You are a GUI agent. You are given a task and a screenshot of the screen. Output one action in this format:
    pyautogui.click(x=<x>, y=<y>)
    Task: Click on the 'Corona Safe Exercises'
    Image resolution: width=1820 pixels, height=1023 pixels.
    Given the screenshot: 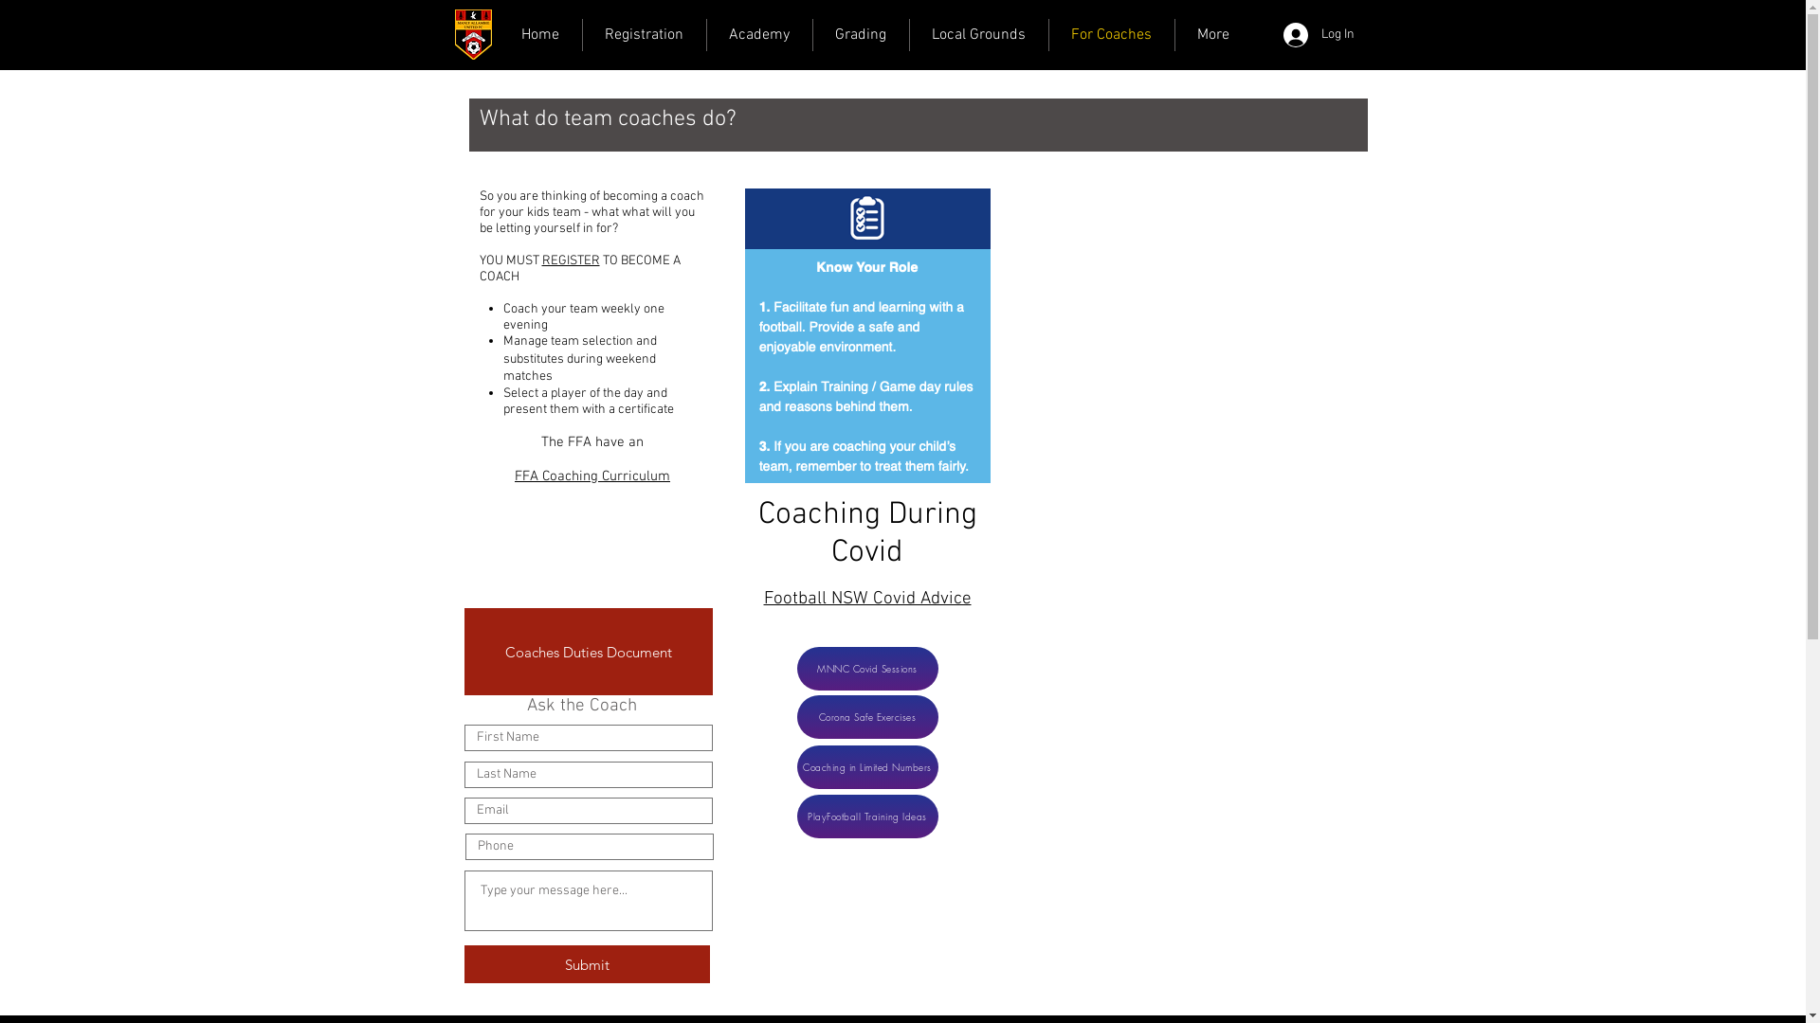 What is the action you would take?
    pyautogui.click(x=865, y=716)
    